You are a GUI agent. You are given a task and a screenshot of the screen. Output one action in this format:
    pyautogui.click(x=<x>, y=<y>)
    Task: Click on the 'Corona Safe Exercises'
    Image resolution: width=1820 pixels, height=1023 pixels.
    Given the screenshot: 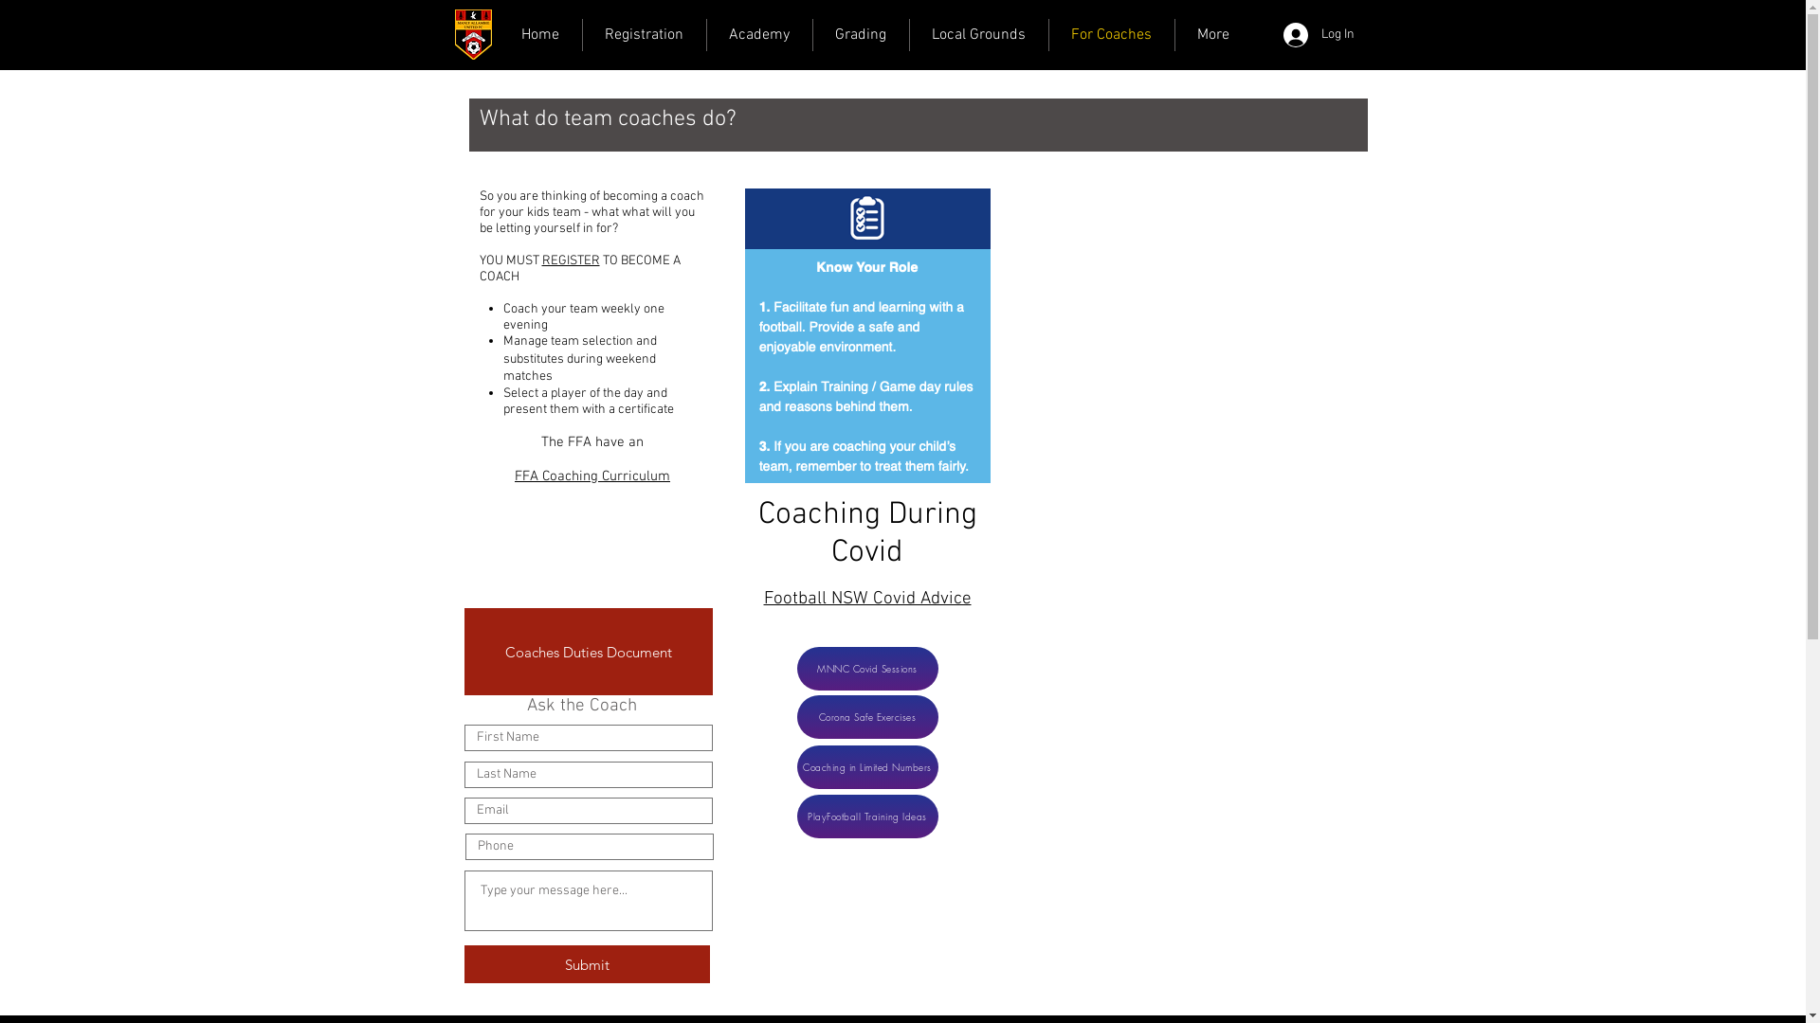 What is the action you would take?
    pyautogui.click(x=865, y=716)
    